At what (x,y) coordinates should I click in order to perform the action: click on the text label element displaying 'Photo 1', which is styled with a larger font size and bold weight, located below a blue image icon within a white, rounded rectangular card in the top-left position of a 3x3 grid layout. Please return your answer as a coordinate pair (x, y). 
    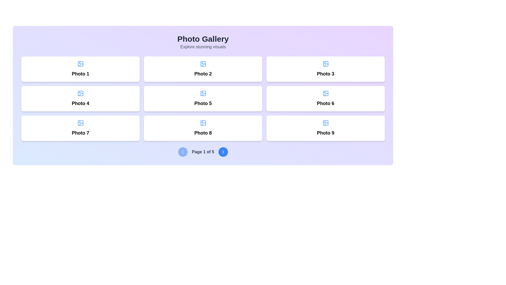
    Looking at the image, I should click on (80, 74).